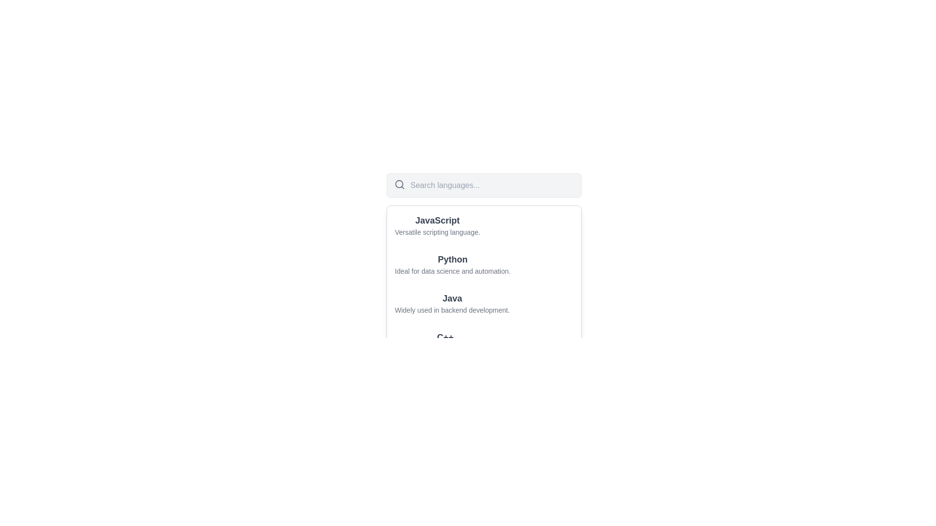 Image resolution: width=936 pixels, height=526 pixels. I want to click on the Text block element that has the heading 'JavaScript' and the subtitle 'Versatile scripting language', so click(437, 225).